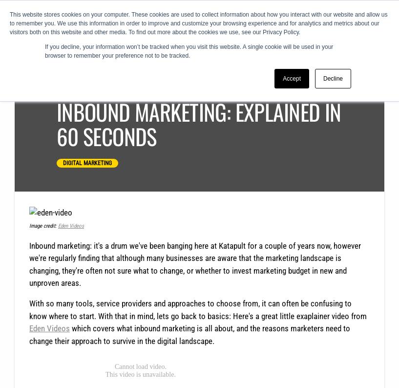 The image size is (399, 388). I want to click on 'By', so click(91, 86).